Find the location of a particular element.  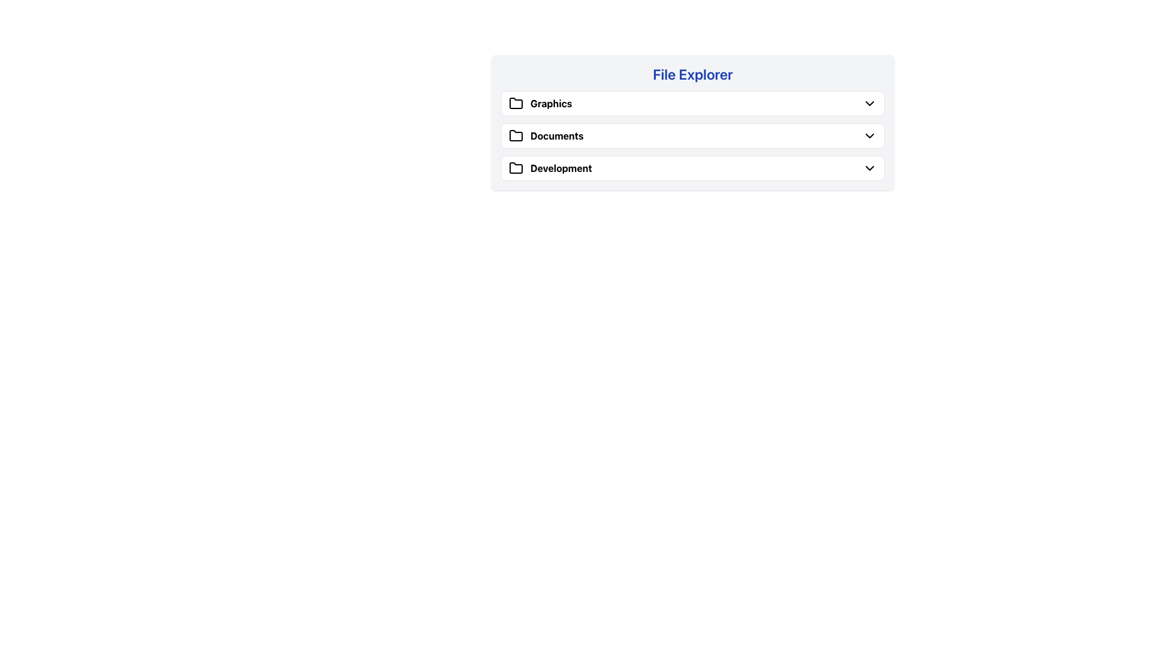

the 'Graphics' folder label, which is the first row in the File Explorer interface is located at coordinates (540, 103).